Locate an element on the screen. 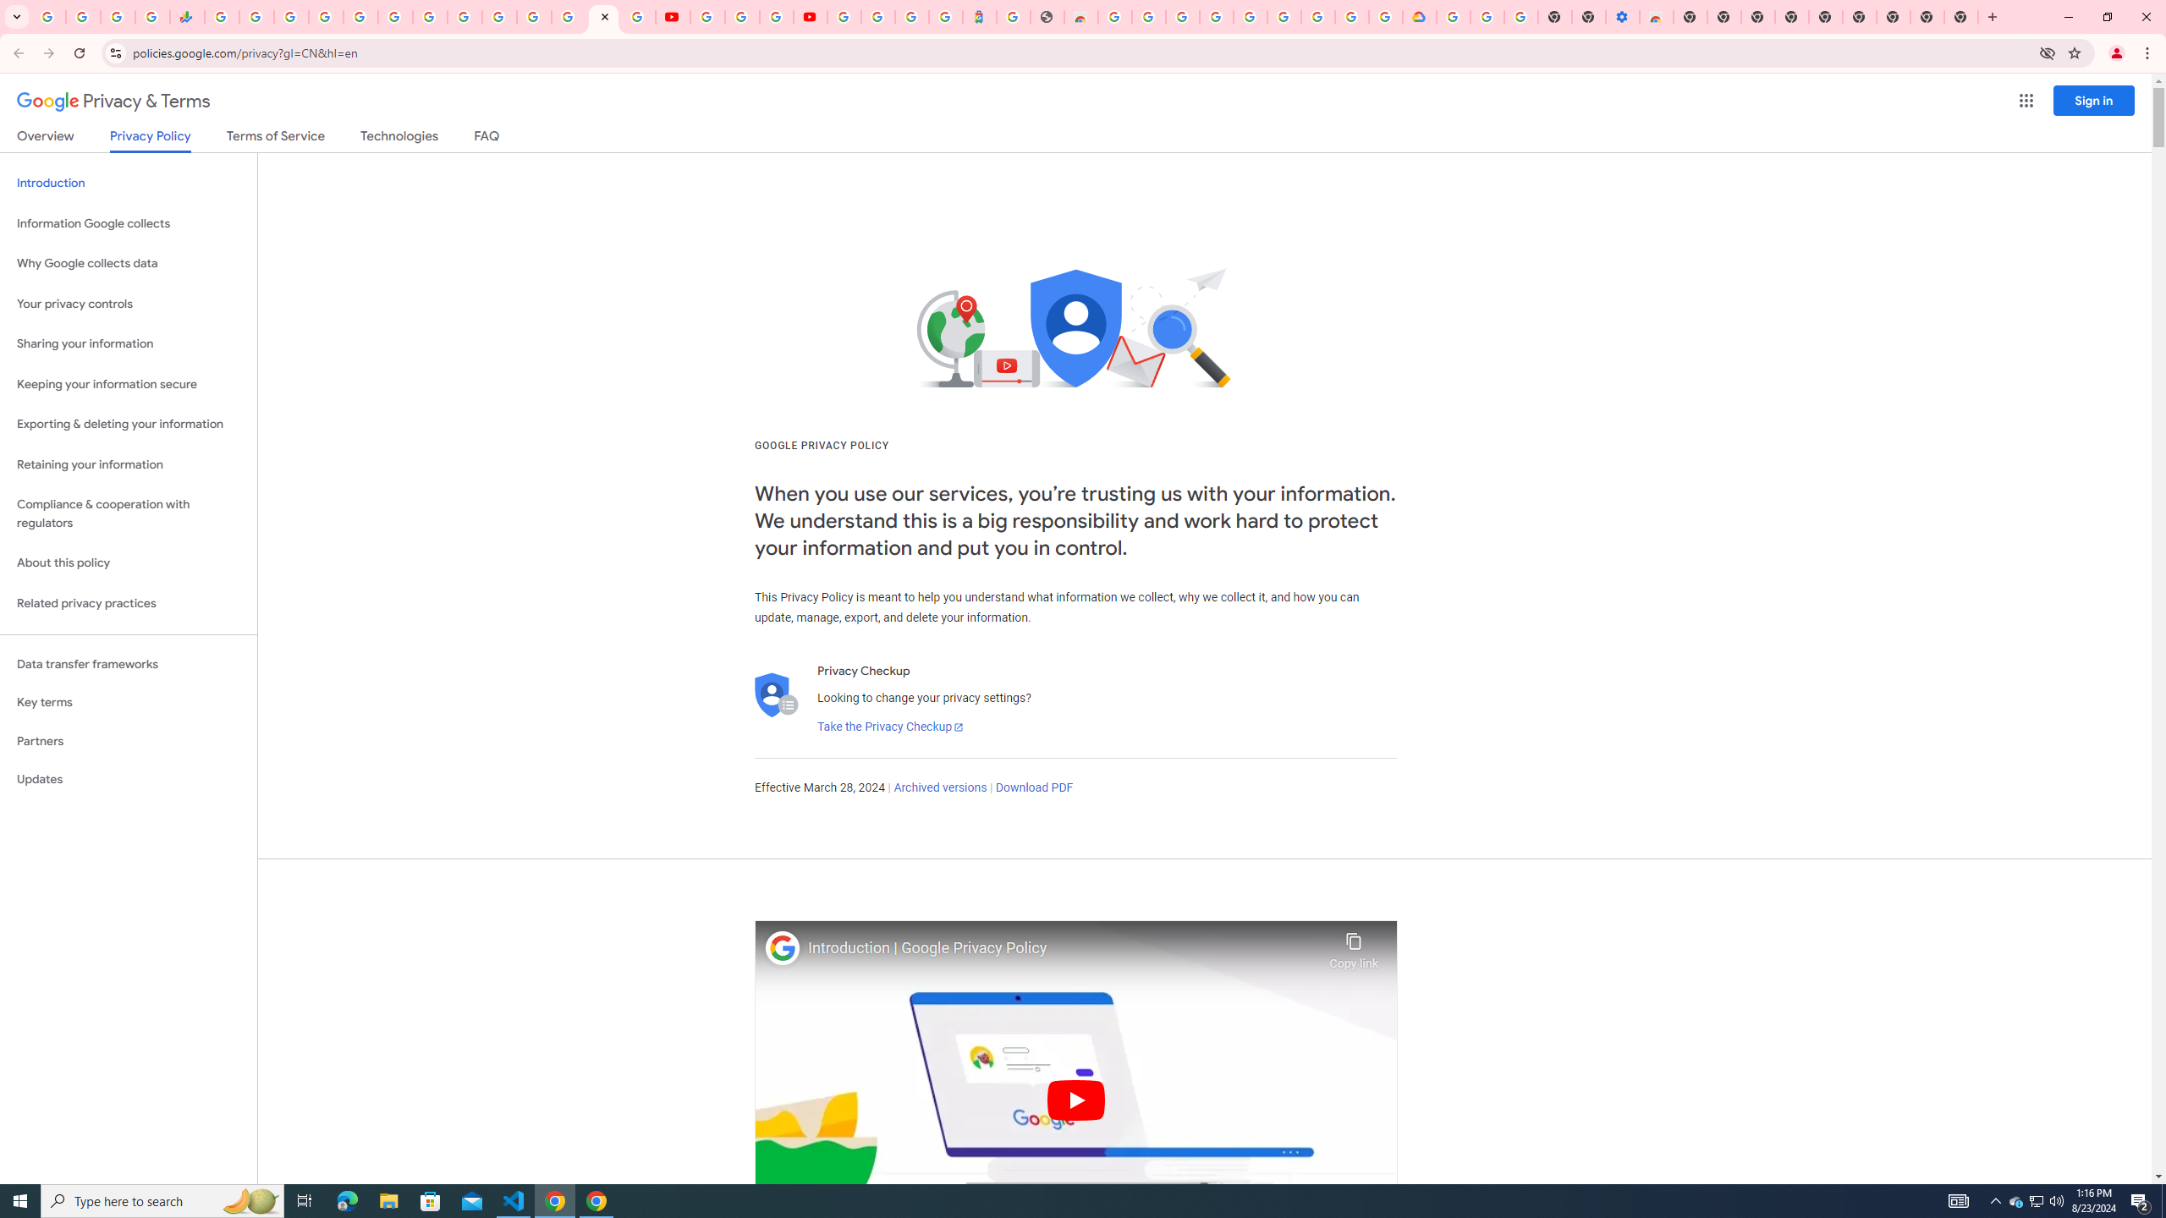 This screenshot has width=2166, height=1218. 'Information Google collects' is located at coordinates (128, 223).